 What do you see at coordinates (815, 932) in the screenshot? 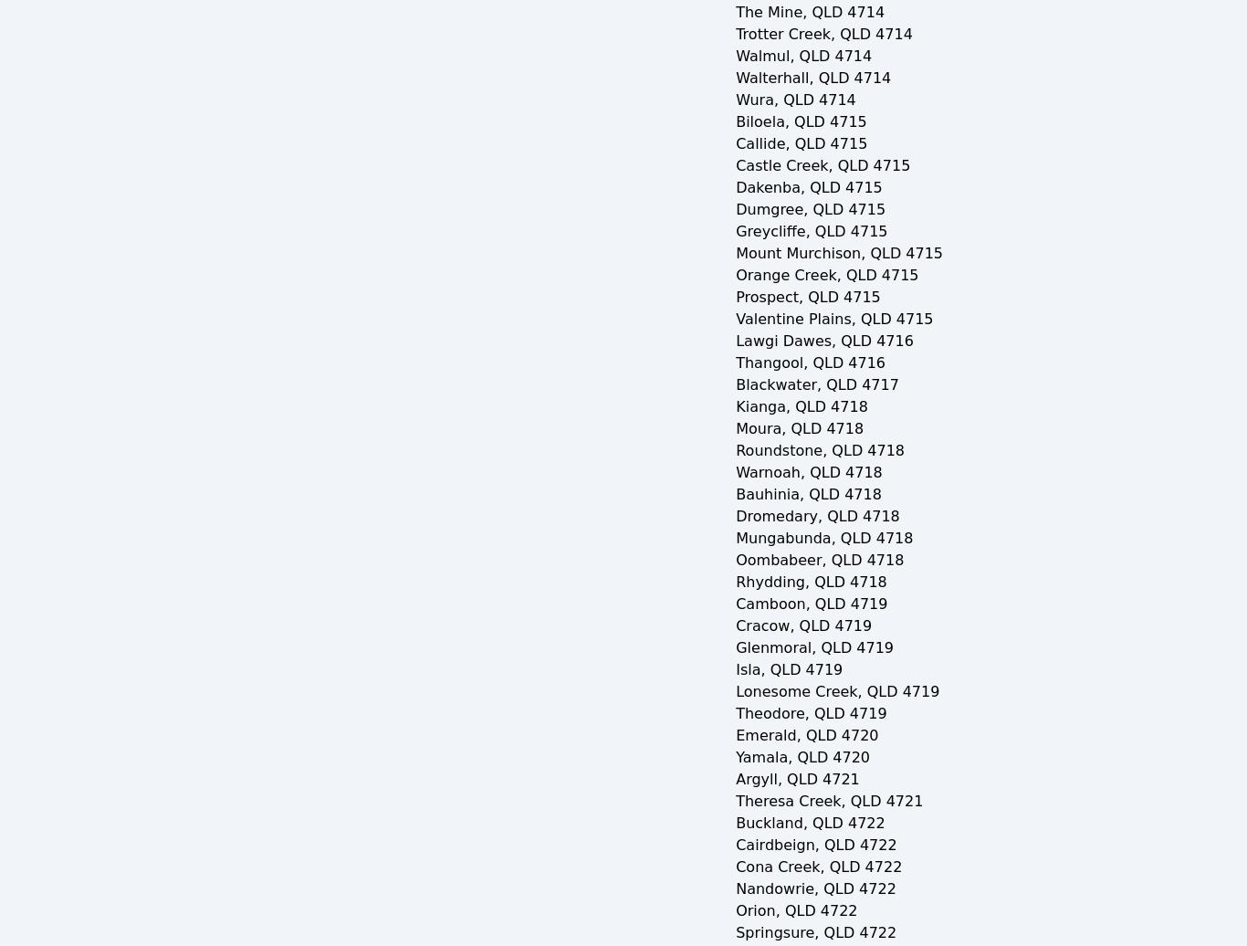
I see `'Springsure, QLD 4722'` at bounding box center [815, 932].